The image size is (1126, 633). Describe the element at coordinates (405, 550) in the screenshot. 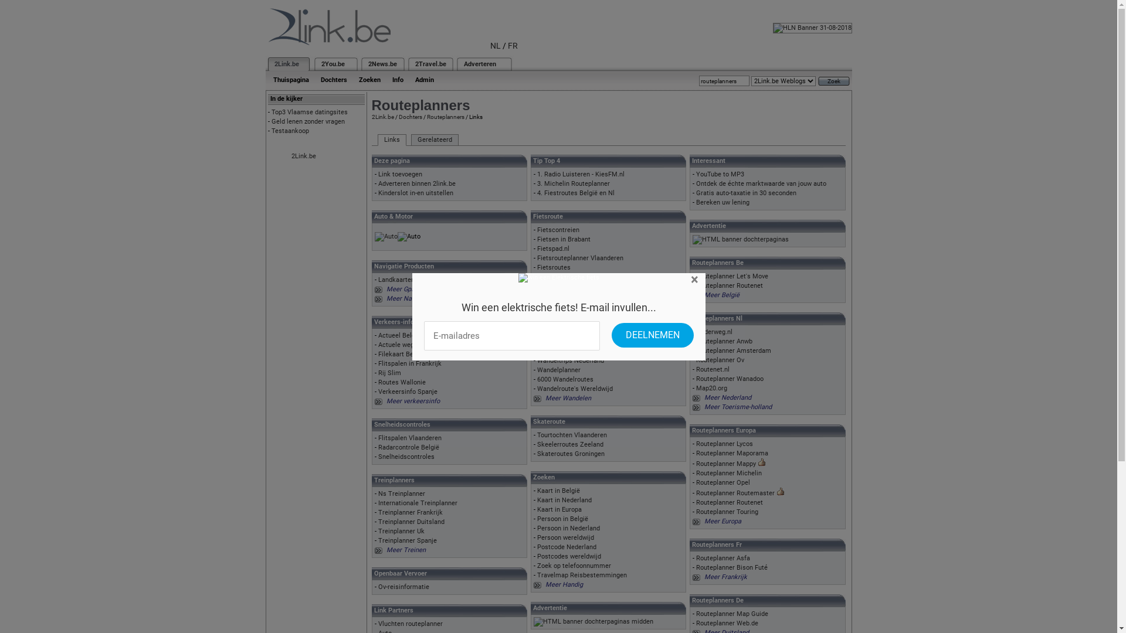

I see `'Meer Treinen'` at that location.